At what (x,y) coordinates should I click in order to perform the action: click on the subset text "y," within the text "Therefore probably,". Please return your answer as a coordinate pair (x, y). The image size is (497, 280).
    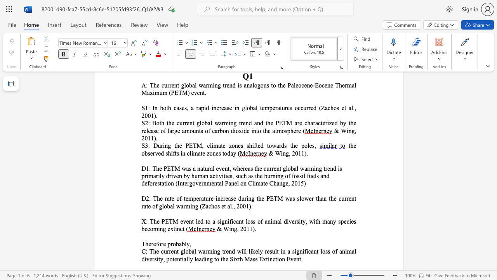
    Looking at the image, I should click on (186, 243).